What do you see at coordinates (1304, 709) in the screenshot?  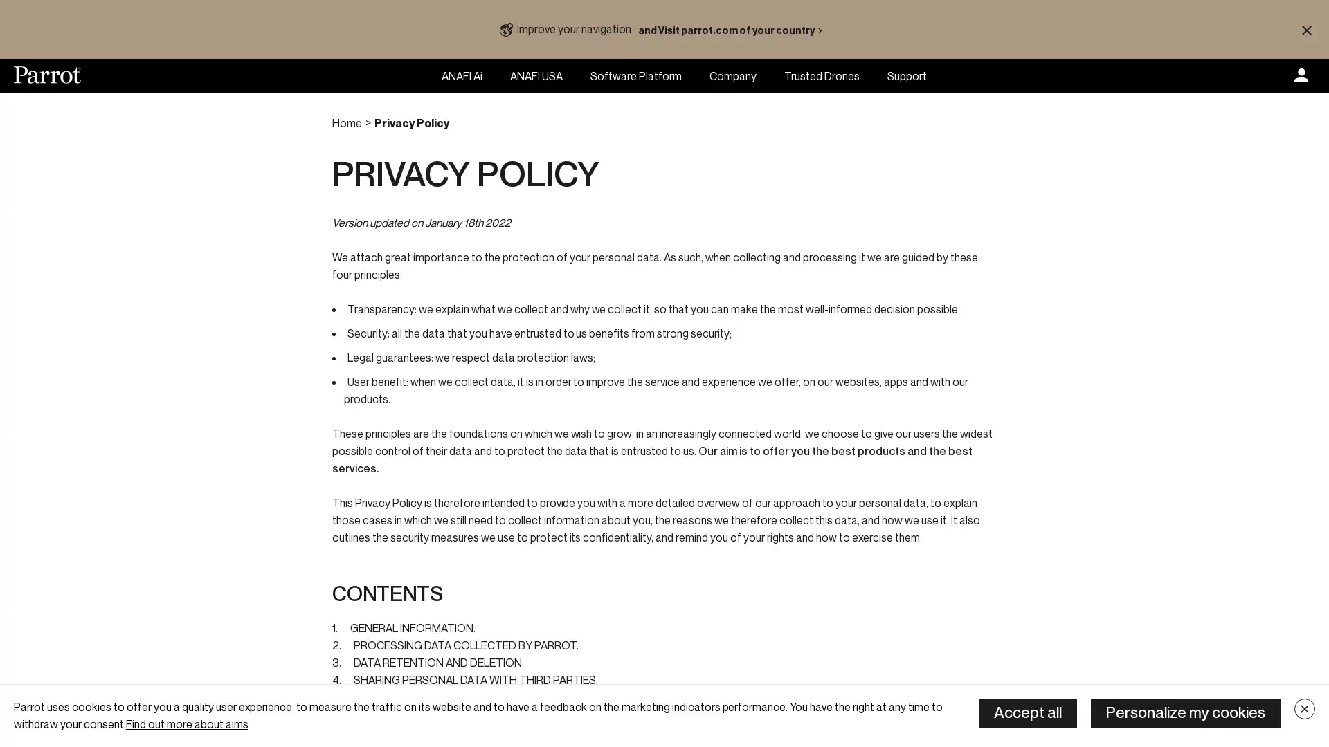 I see `close` at bounding box center [1304, 709].